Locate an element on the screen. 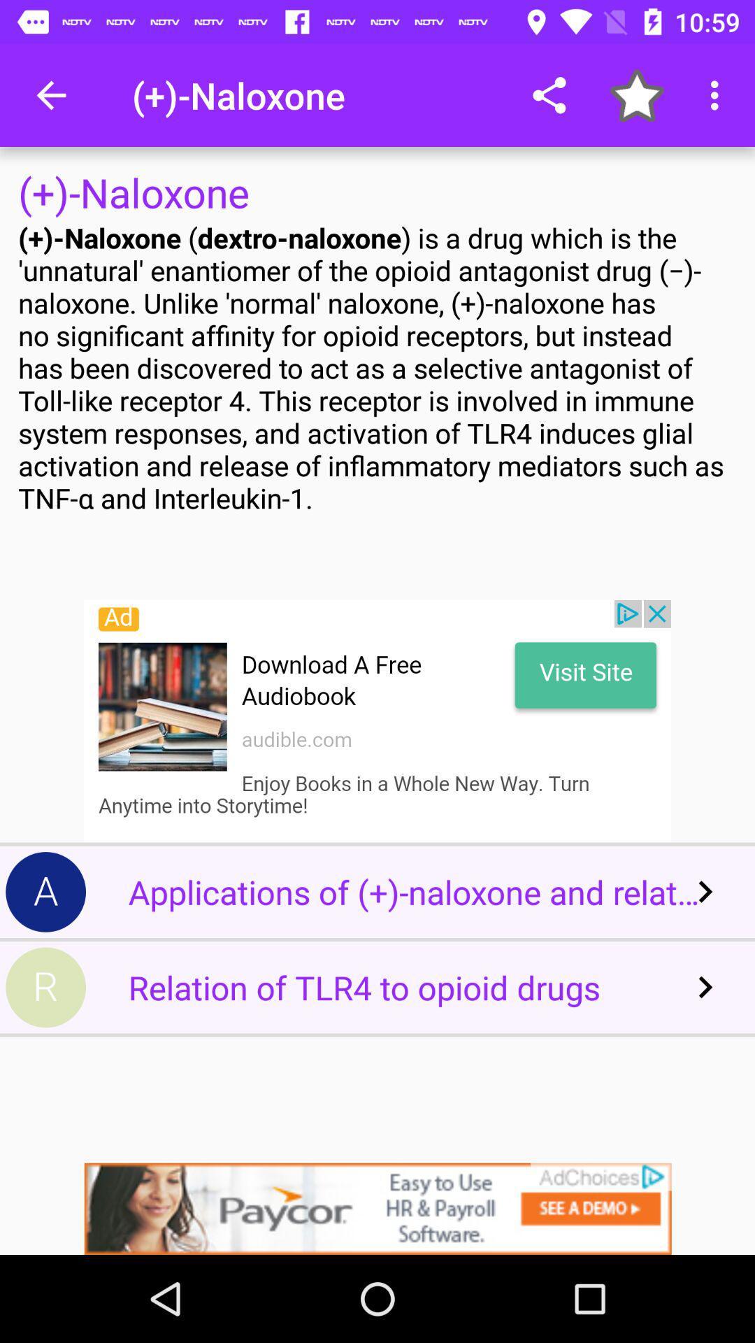 This screenshot has width=755, height=1343. advertisement is located at coordinates (377, 721).